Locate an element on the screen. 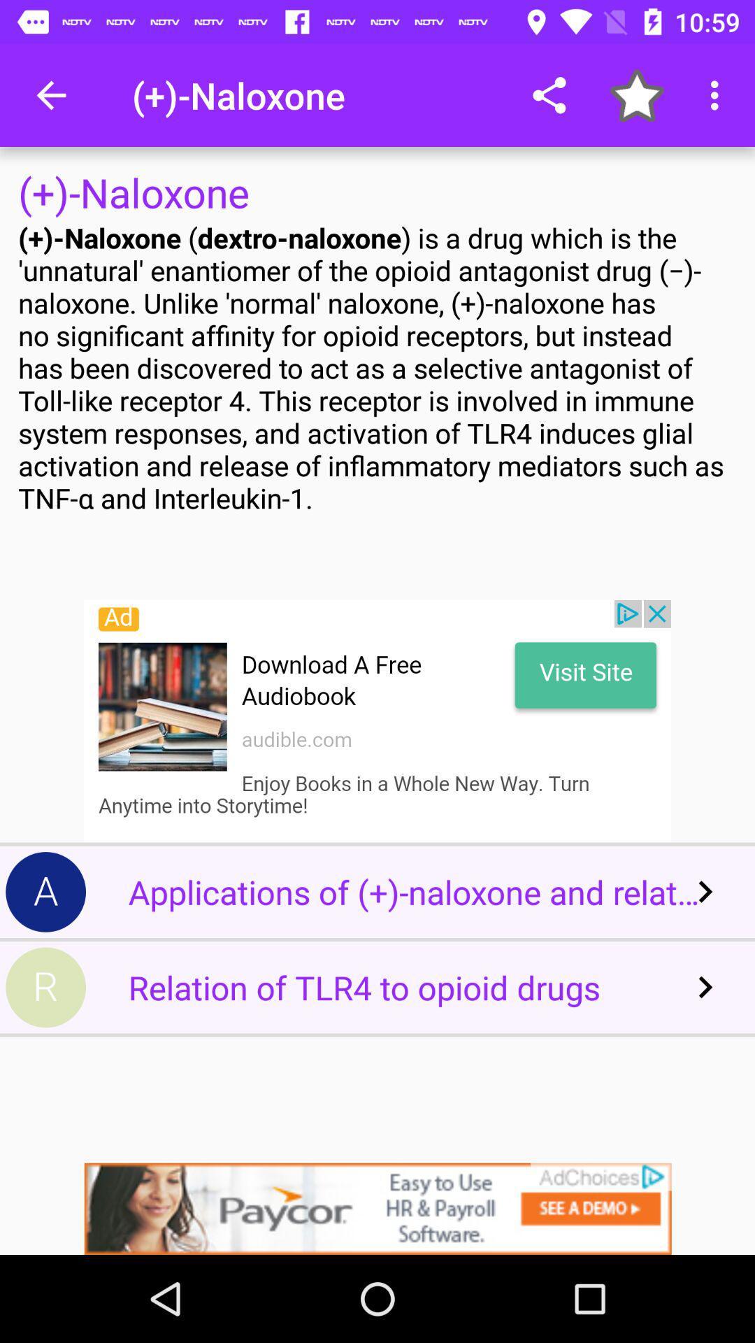 This screenshot has width=755, height=1343. advertisement is located at coordinates (377, 721).